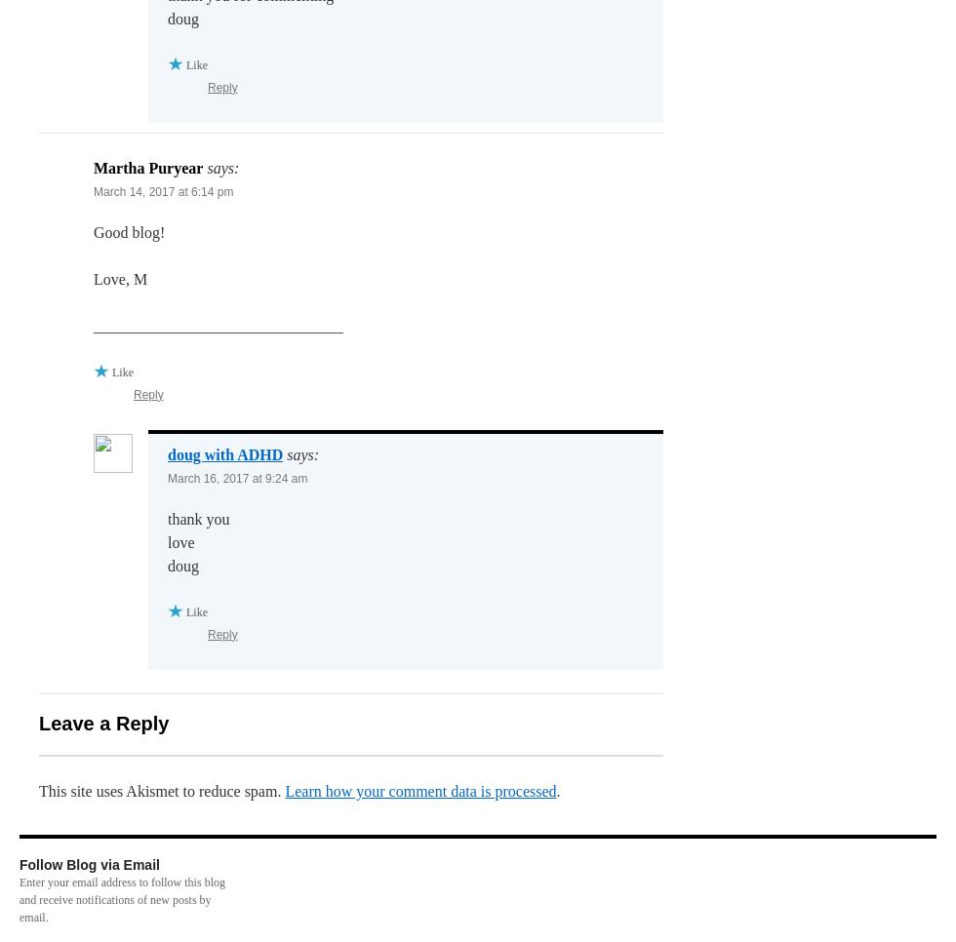 The width and height of the screenshot is (956, 942). Describe the element at coordinates (103, 723) in the screenshot. I see `'Leave a Reply'` at that location.